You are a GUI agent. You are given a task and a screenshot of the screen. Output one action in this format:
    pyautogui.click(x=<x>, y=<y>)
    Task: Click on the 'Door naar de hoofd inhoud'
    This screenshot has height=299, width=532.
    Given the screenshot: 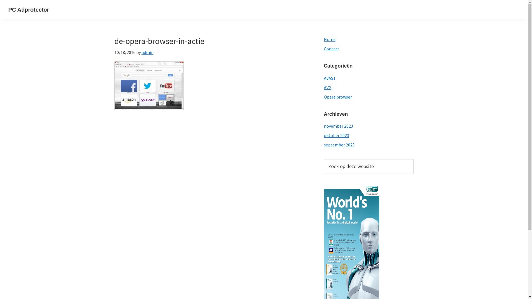 What is the action you would take?
    pyautogui.click(x=0, y=0)
    